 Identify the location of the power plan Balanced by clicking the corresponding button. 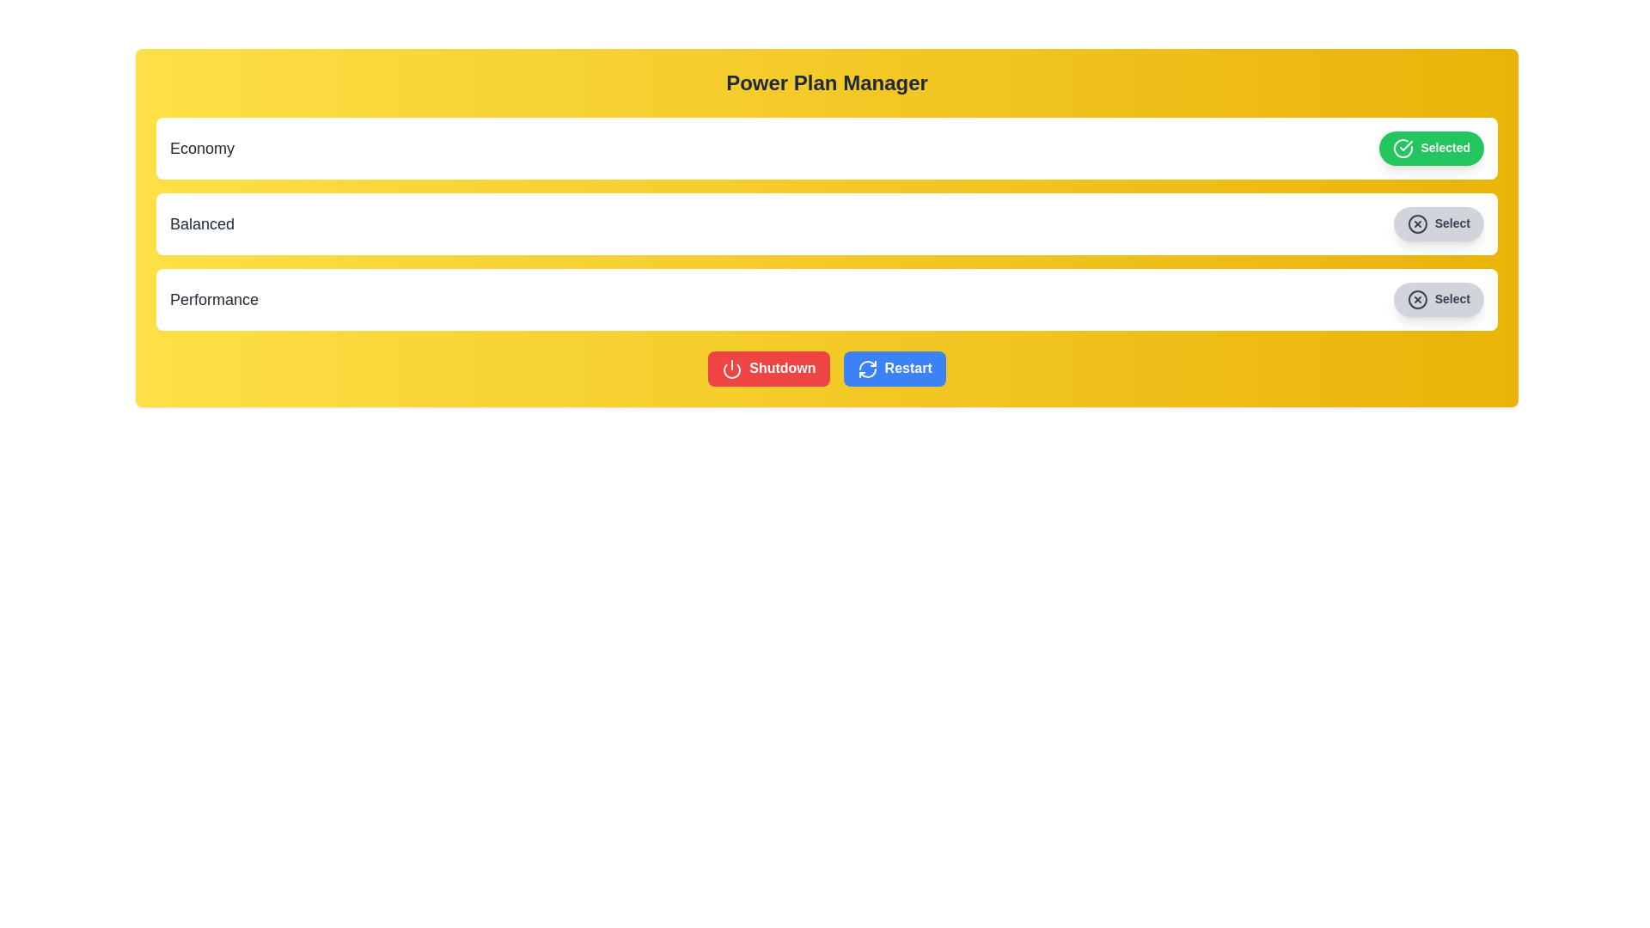
(1439, 223).